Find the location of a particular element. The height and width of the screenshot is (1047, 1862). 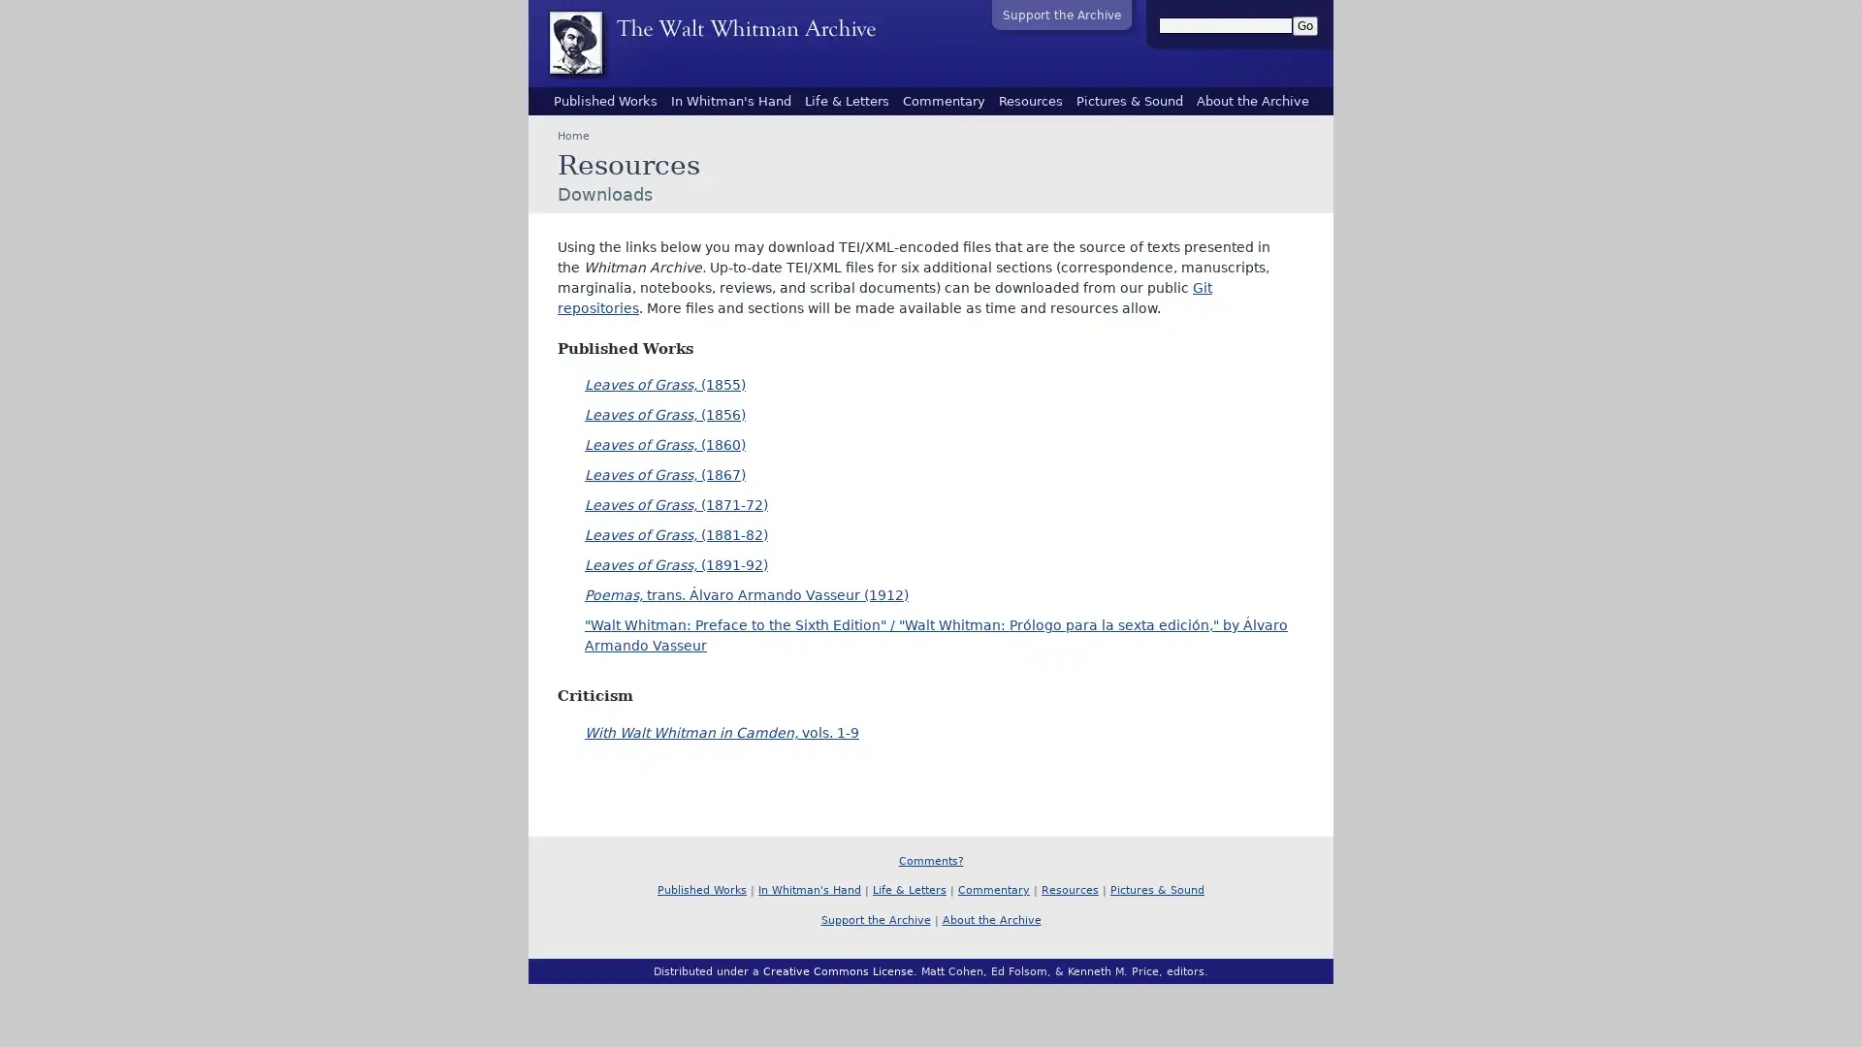

Go is located at coordinates (1304, 26).